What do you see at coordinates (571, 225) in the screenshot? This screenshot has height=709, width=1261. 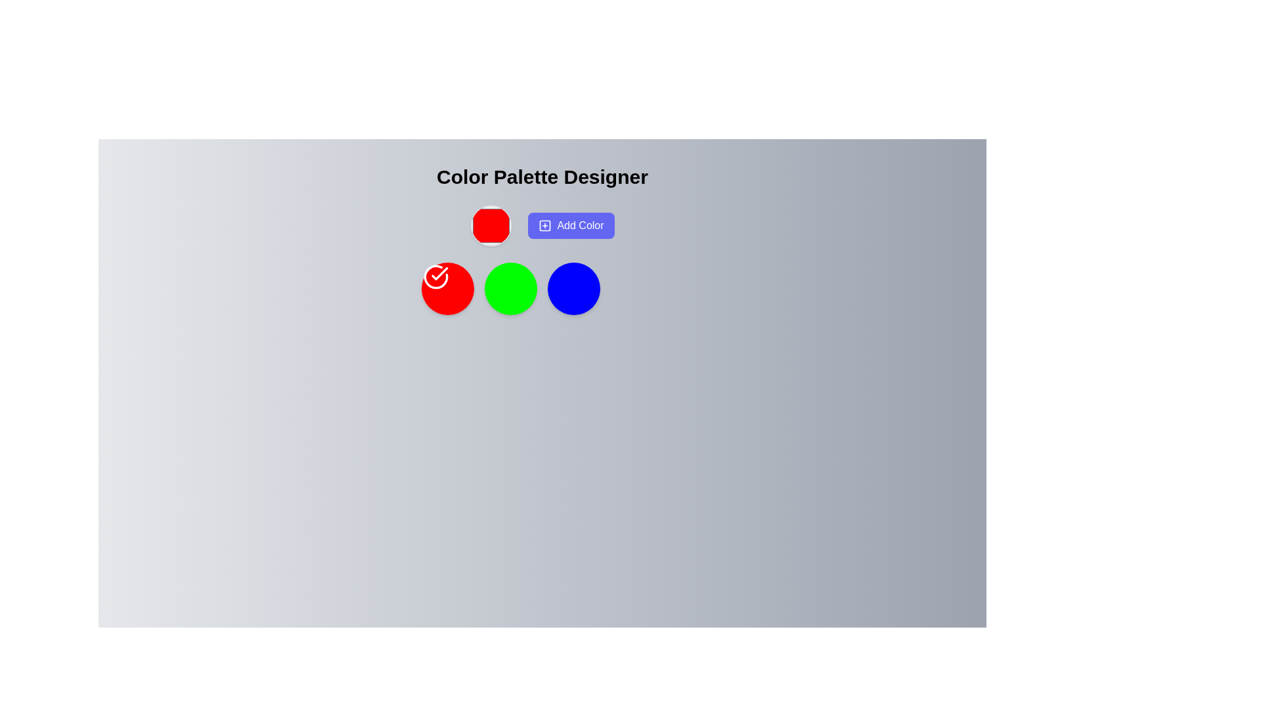 I see `the 'Add Color' button with rounded corners and an indigo background` at bounding box center [571, 225].